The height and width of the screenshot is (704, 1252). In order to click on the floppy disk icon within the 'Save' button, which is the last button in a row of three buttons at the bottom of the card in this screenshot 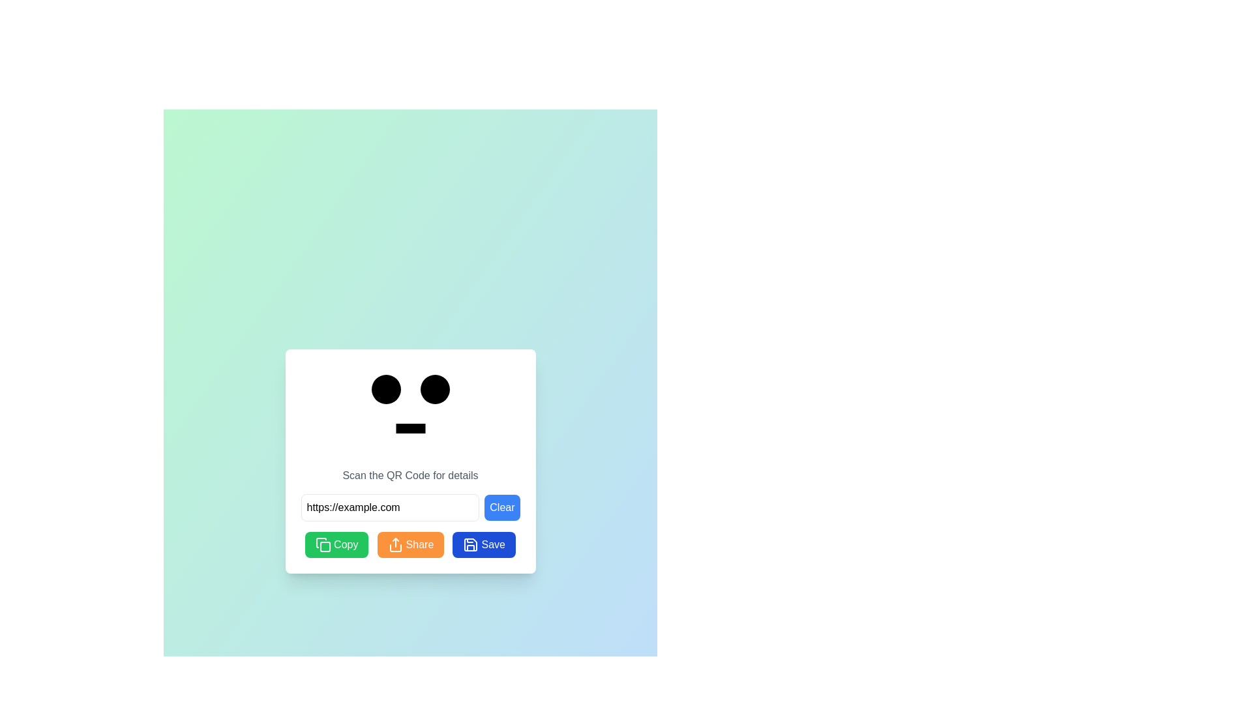, I will do `click(470, 545)`.